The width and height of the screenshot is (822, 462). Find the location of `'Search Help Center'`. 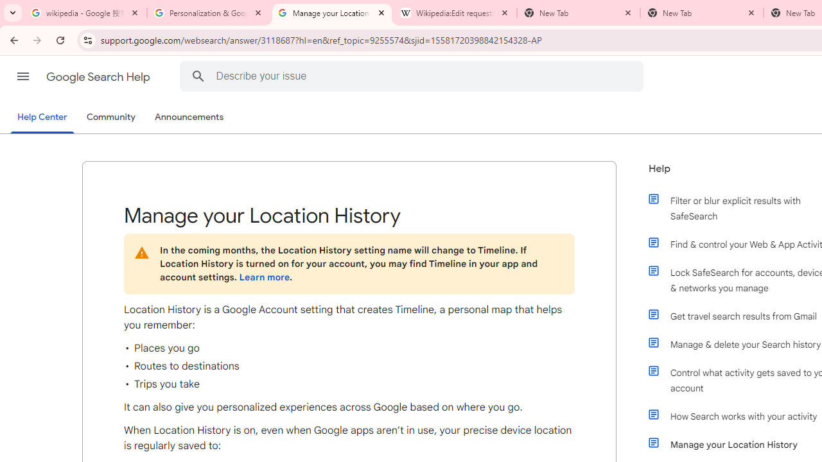

'Search Help Center' is located at coordinates (197, 76).